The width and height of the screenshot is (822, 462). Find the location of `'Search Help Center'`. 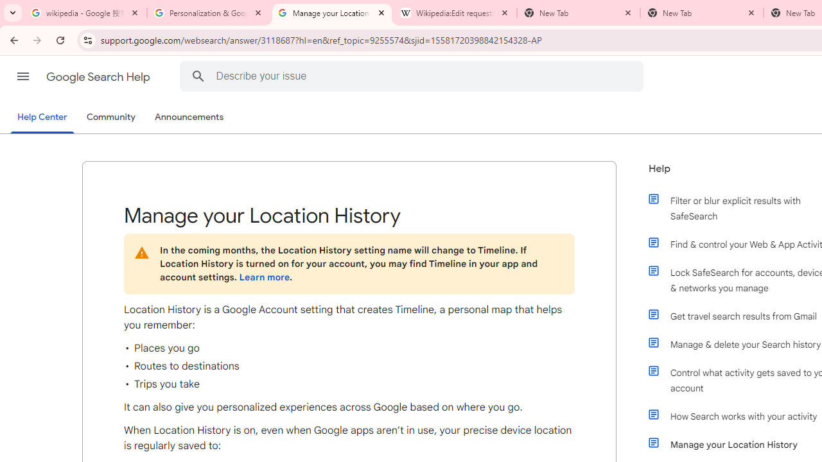

'Search Help Center' is located at coordinates (197, 76).